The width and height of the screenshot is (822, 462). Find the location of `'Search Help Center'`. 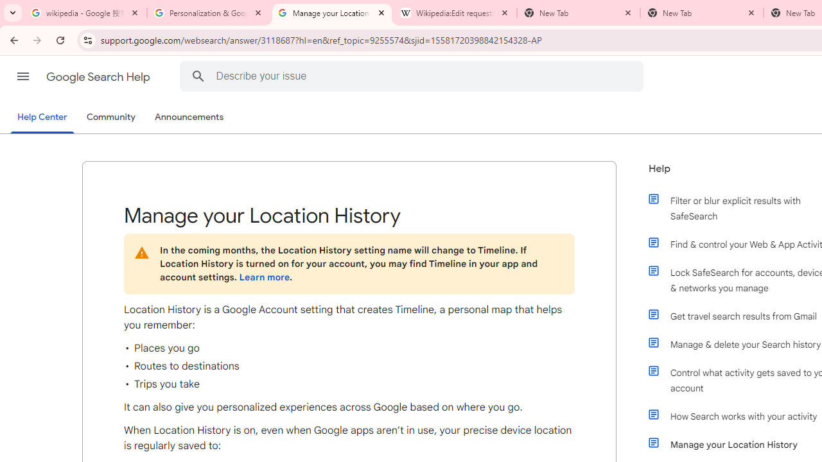

'Search Help Center' is located at coordinates (197, 76).